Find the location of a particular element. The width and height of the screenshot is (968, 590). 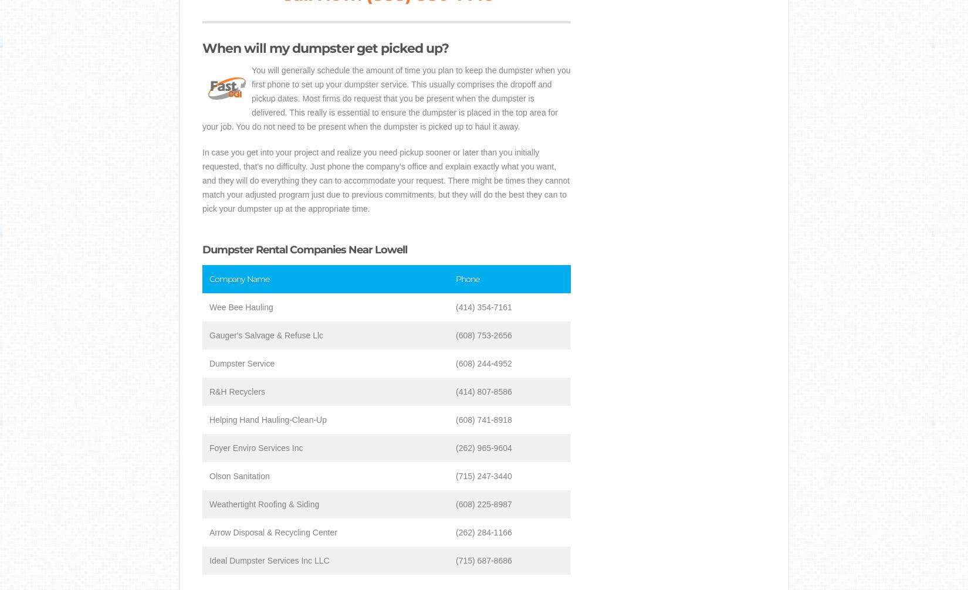

'Ideal Dumpster Services Inc LLC' is located at coordinates (209, 560).